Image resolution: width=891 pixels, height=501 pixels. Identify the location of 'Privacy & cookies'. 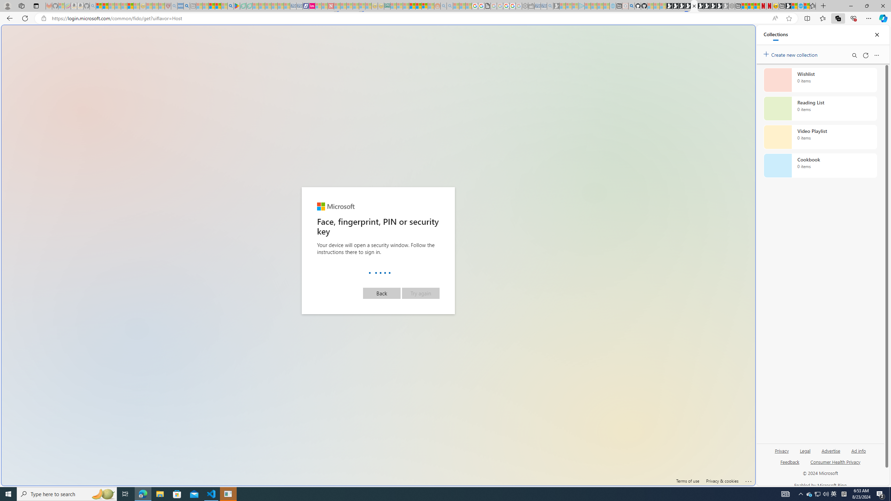
(722, 481).